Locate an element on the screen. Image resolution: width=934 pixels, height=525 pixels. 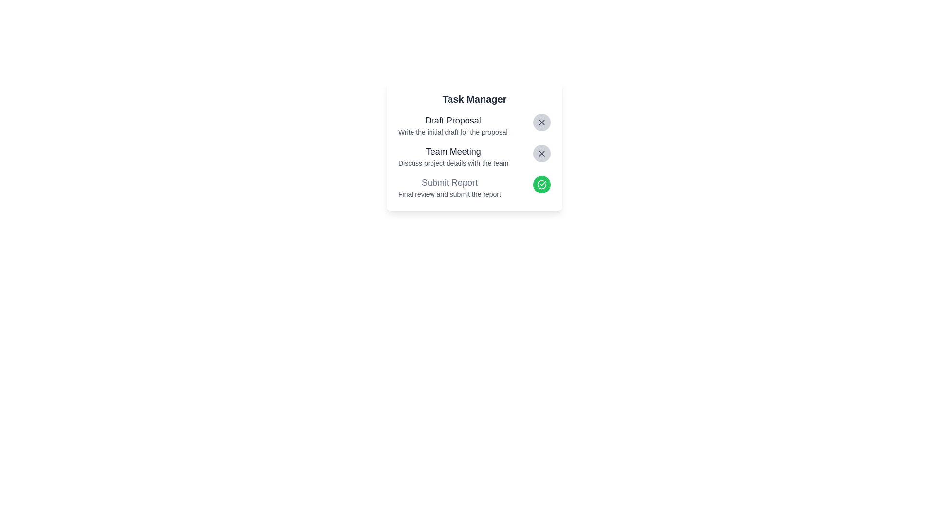
the dismiss button associated with the 'Team Meeting' task is located at coordinates (541, 153).